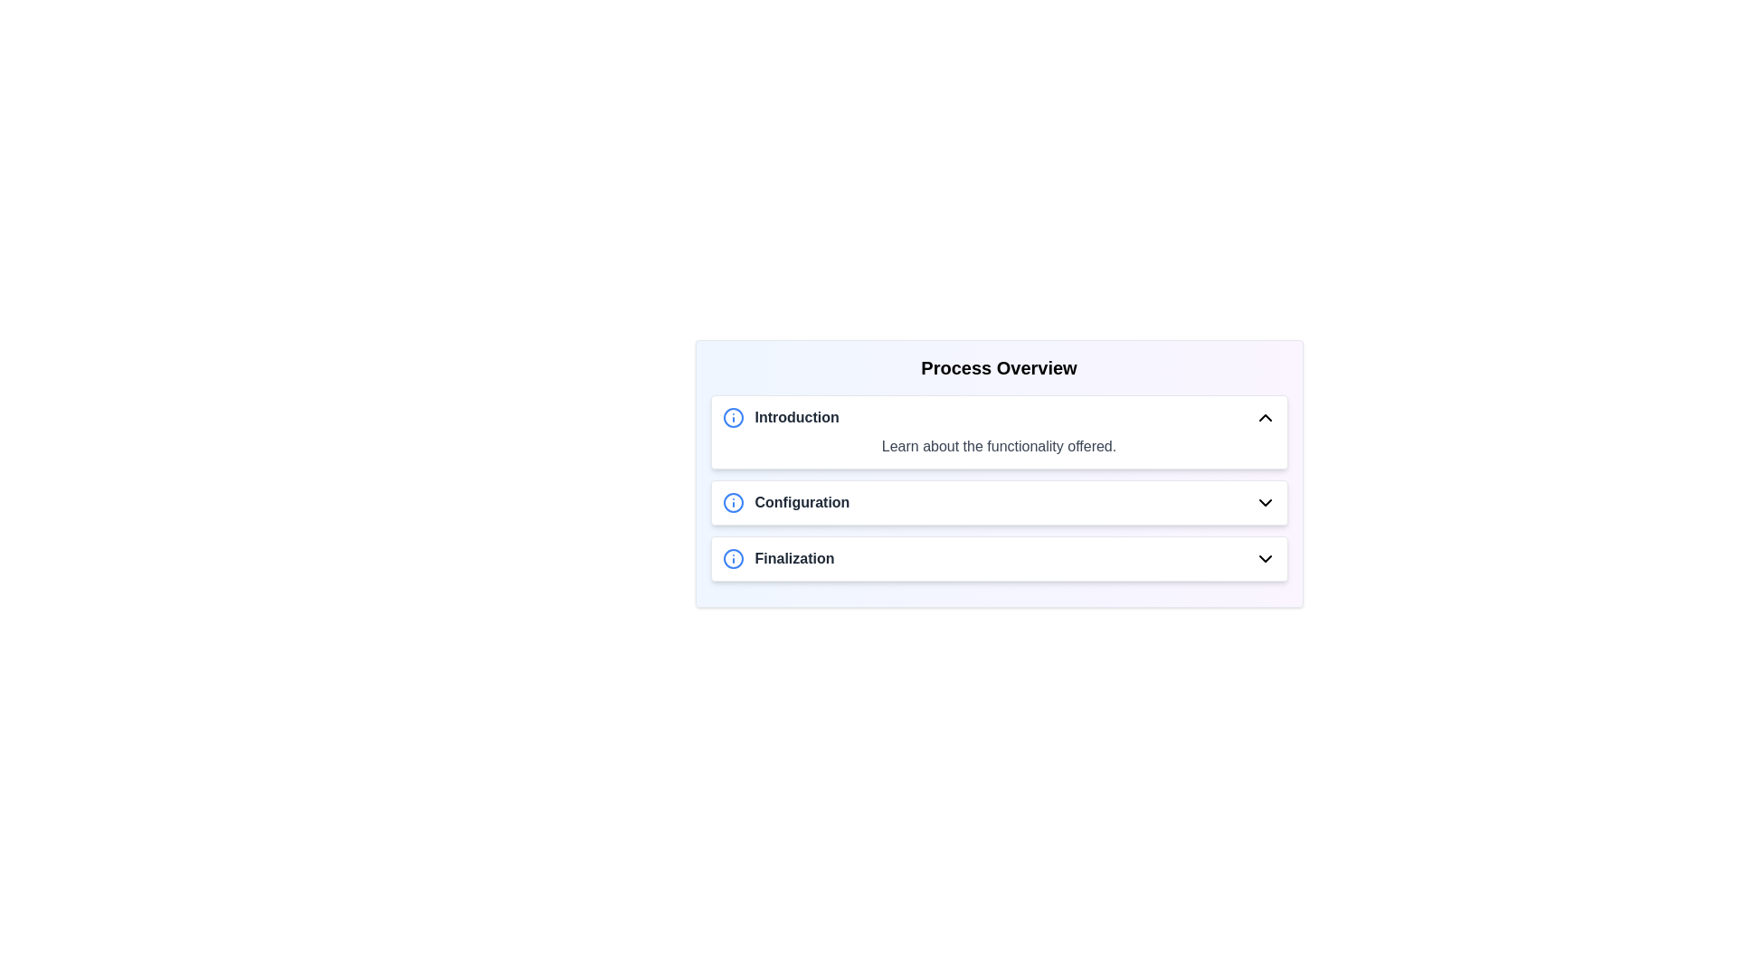 The width and height of the screenshot is (1737, 977). I want to click on the informational icon located to the left of the 'Configuration' text within the second item of the 'Process Overview' vertical list, so click(733, 502).